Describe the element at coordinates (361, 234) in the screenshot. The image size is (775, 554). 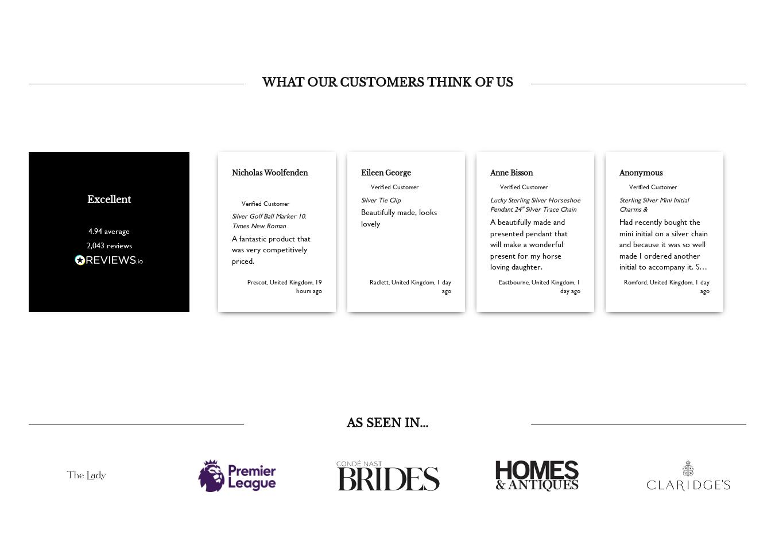
I see `'Beautifully made, looks lovely'` at that location.